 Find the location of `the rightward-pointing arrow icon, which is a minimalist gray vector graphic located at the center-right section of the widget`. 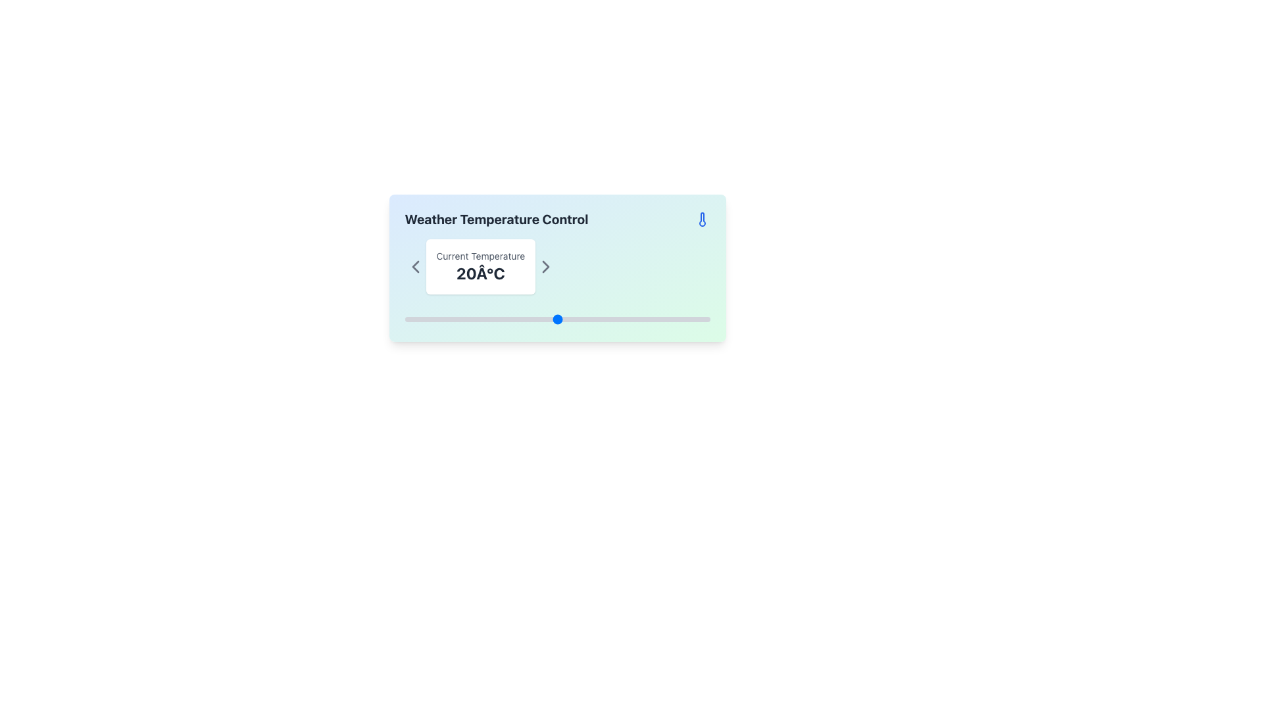

the rightward-pointing arrow icon, which is a minimalist gray vector graphic located at the center-right section of the widget is located at coordinates (546, 266).